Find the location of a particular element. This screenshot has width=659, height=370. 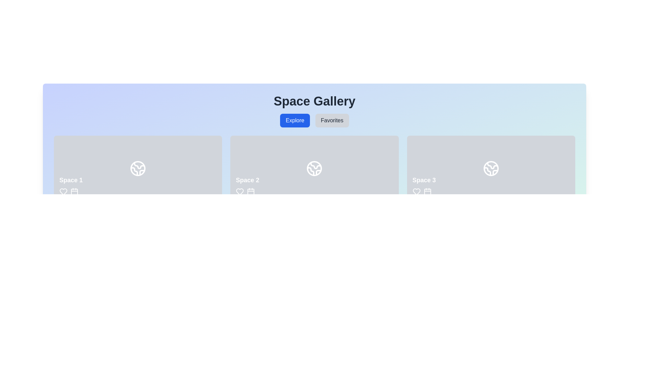

the calendar icon styled with a rounded rectangle outline to change its color to blue is located at coordinates (74, 192).